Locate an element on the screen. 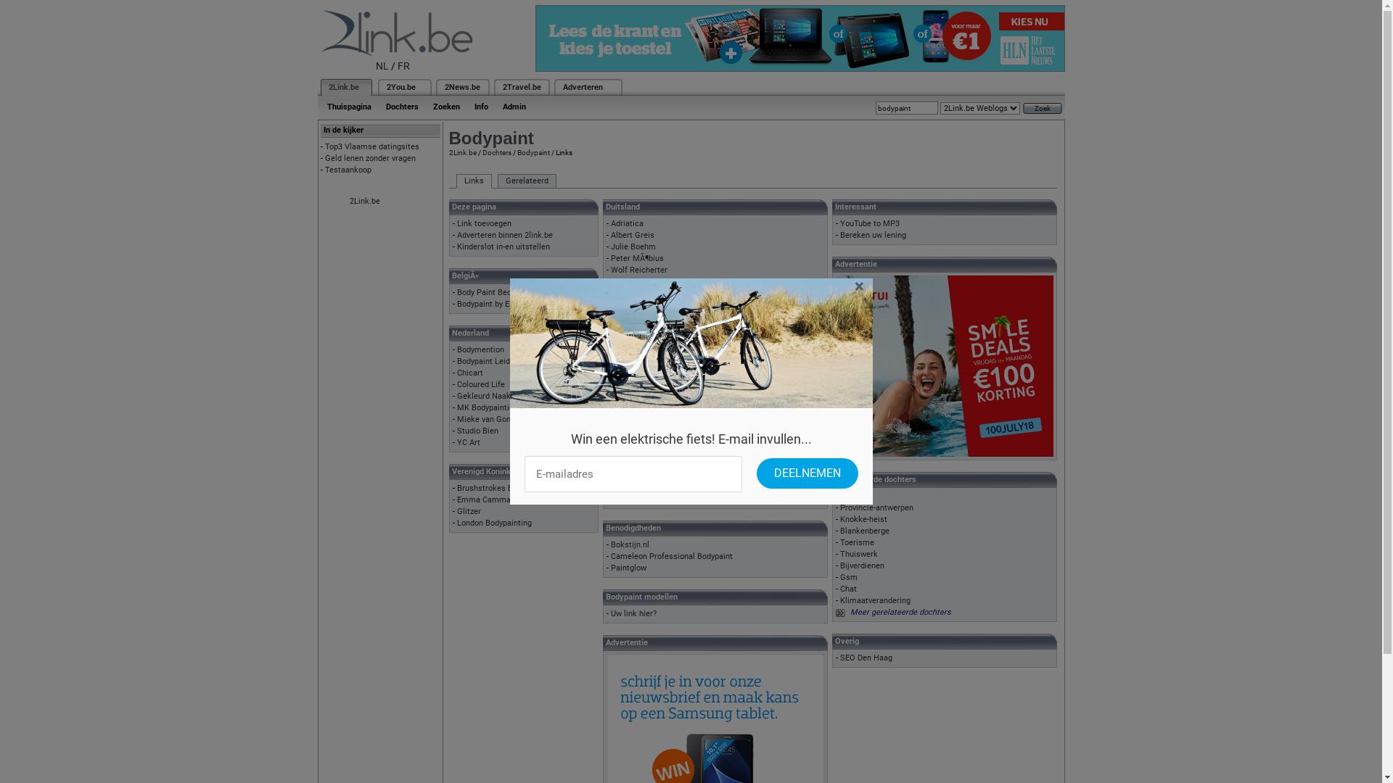  'Admin' is located at coordinates (514, 106).